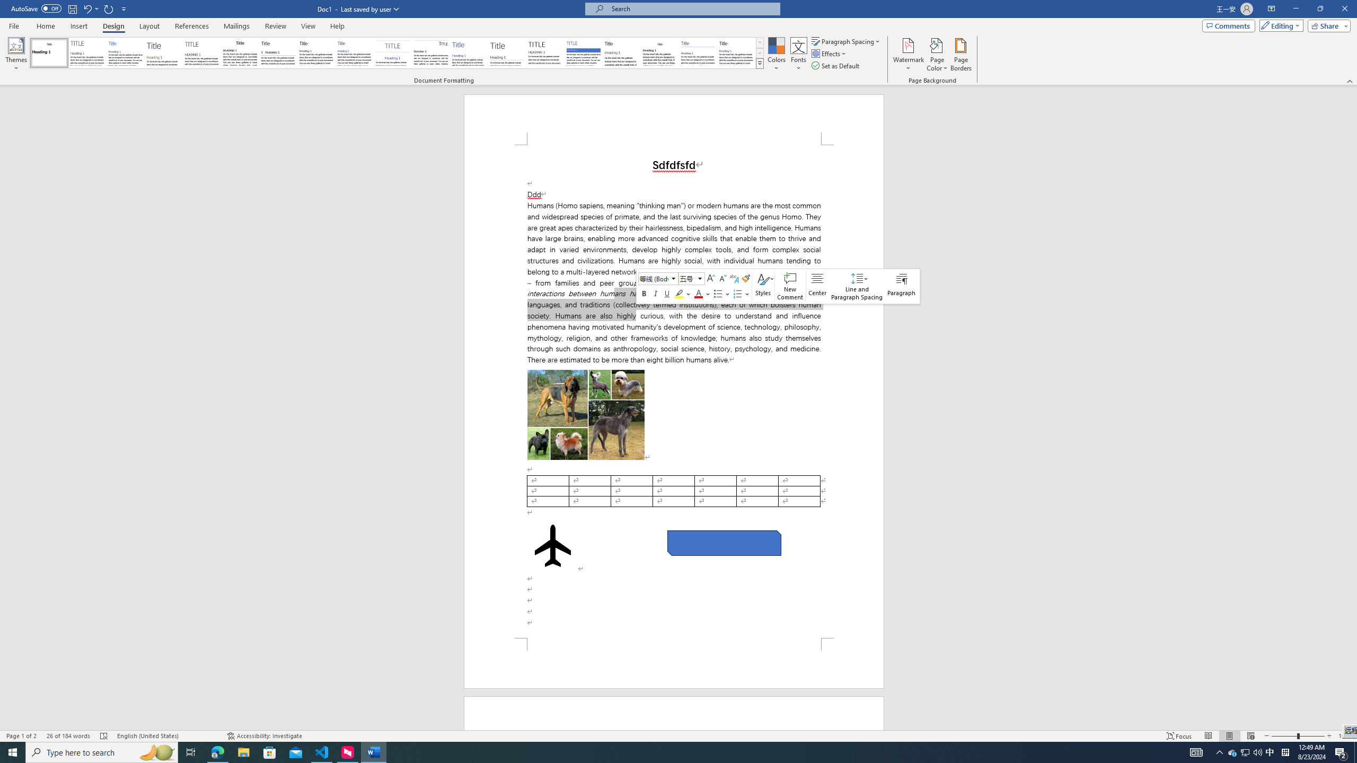 Image resolution: width=1357 pixels, height=763 pixels. Describe the element at coordinates (674, 391) in the screenshot. I see `'Page 1 content'` at that location.